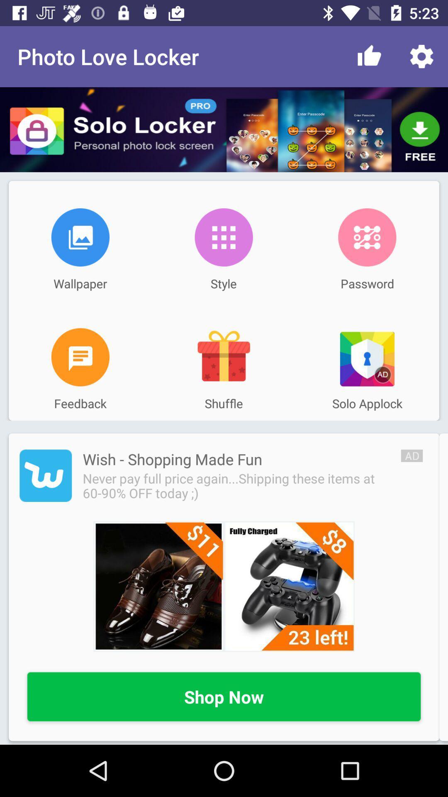 This screenshot has height=797, width=448. Describe the element at coordinates (80, 237) in the screenshot. I see `the item above wallpaper` at that location.